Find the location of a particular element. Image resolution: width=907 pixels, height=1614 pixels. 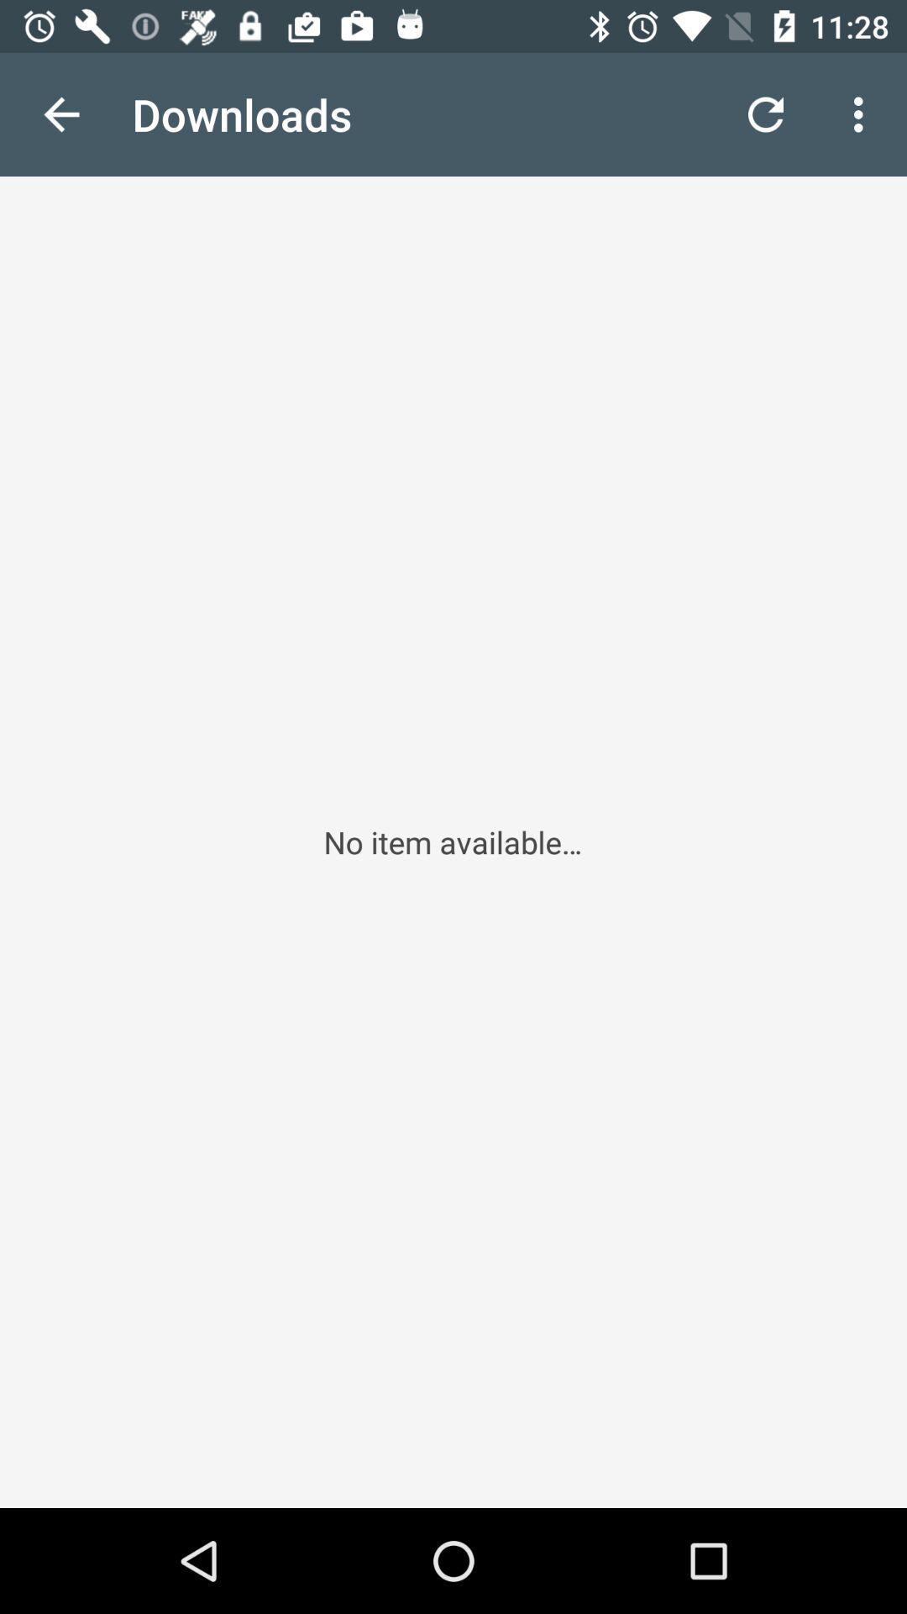

icon to the right of downloads item is located at coordinates (765, 113).